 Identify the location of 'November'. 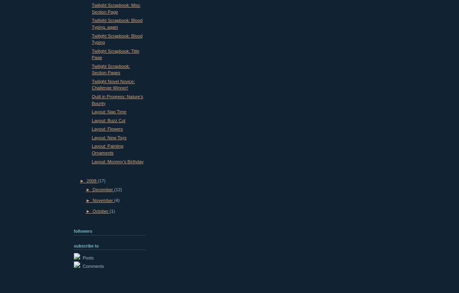
(103, 200).